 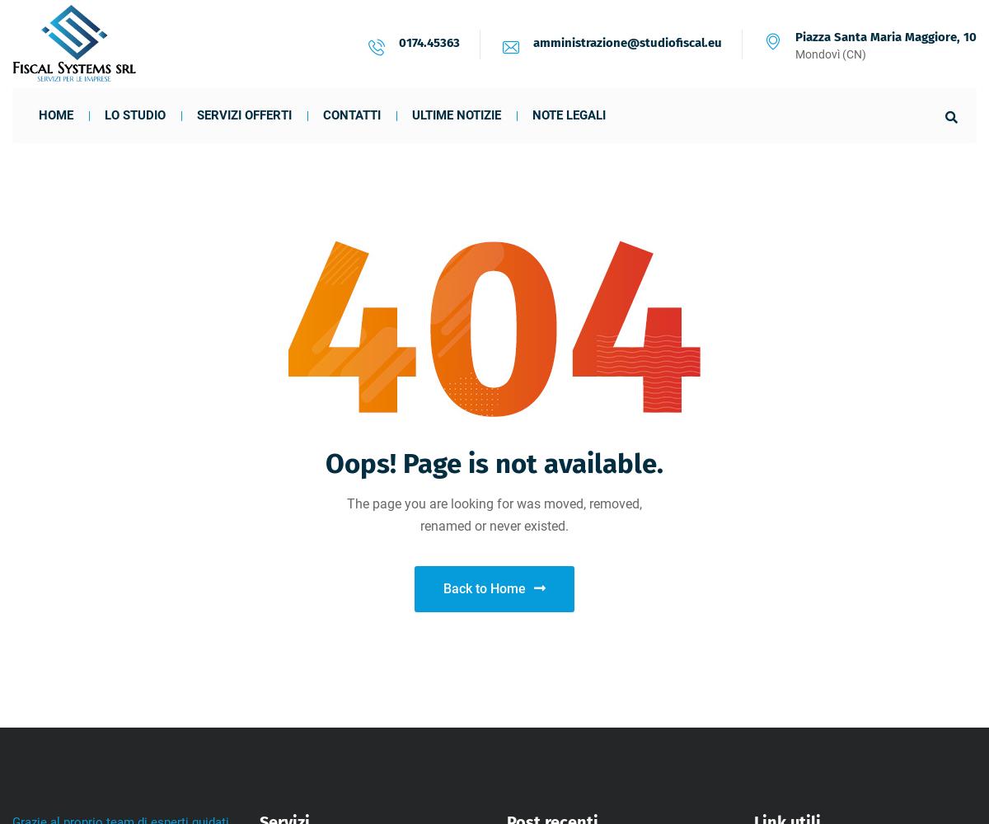 What do you see at coordinates (104, 115) in the screenshot?
I see `'Lo studio'` at bounding box center [104, 115].